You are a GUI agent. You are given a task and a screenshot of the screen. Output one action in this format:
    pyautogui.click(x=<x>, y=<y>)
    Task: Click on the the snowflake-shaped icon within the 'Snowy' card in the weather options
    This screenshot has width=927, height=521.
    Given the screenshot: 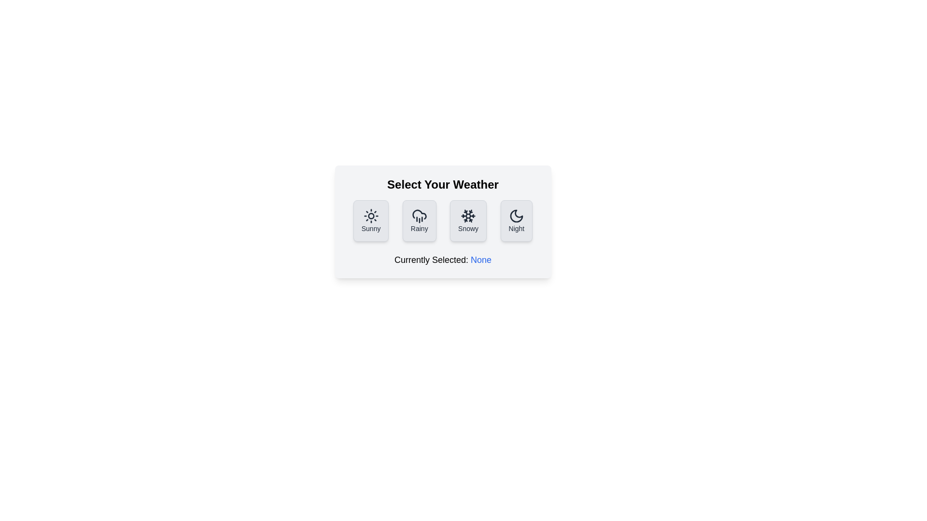 What is the action you would take?
    pyautogui.click(x=468, y=215)
    